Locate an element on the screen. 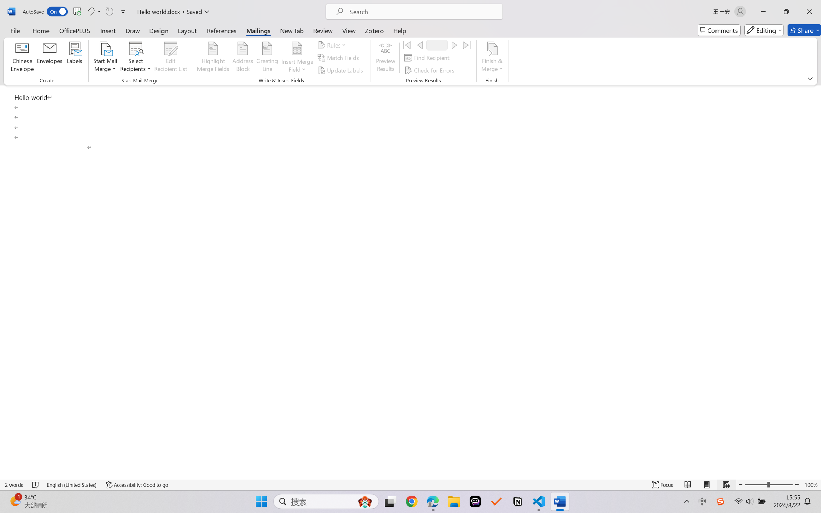 Image resolution: width=821 pixels, height=513 pixels. 'Web Layout' is located at coordinates (726, 484).